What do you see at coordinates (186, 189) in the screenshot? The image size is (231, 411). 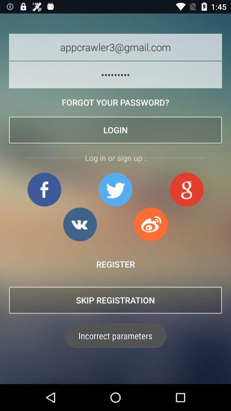 I see `google icon` at bounding box center [186, 189].